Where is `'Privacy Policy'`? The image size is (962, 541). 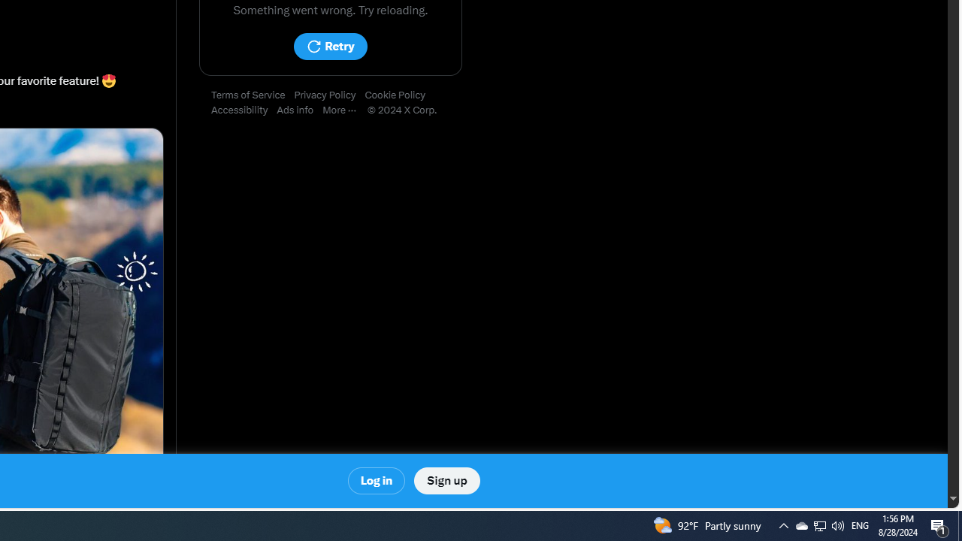
'Privacy Policy' is located at coordinates (328, 95).